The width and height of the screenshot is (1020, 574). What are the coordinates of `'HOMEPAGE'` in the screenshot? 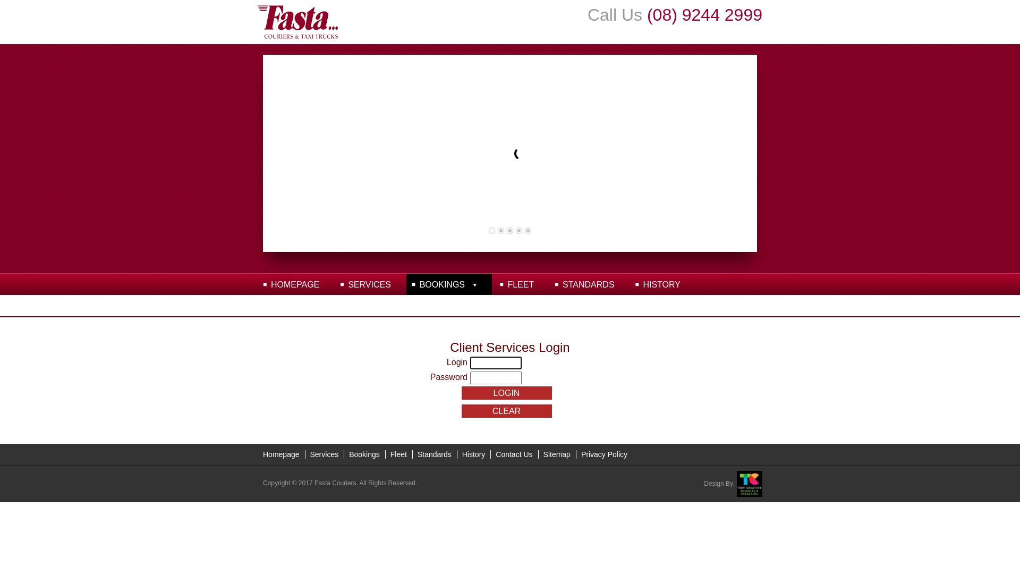 It's located at (295, 284).